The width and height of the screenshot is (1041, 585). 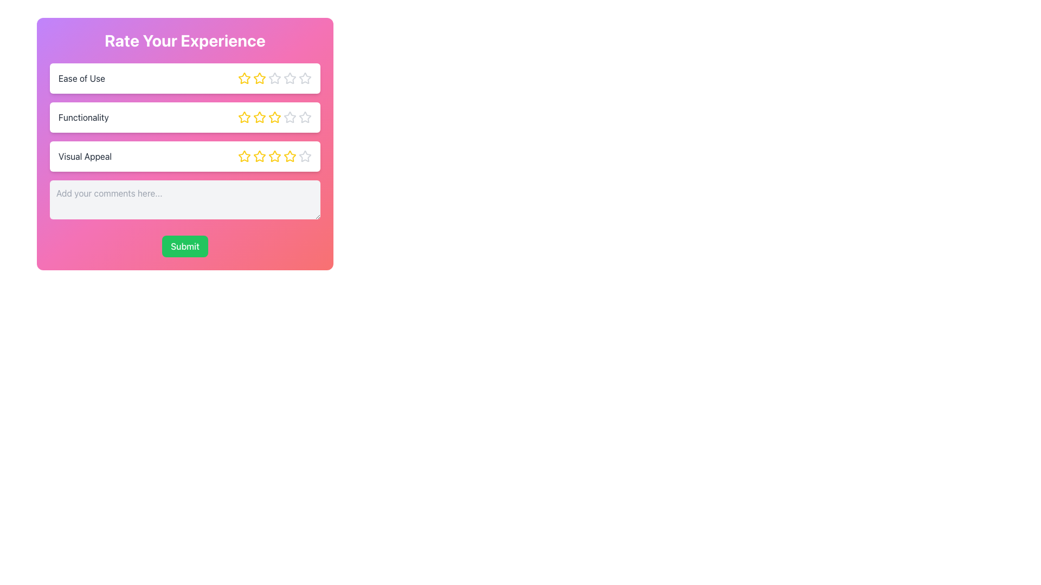 What do you see at coordinates (304, 77) in the screenshot?
I see `the fifth star icon button for the 'Ease of Use' rating` at bounding box center [304, 77].